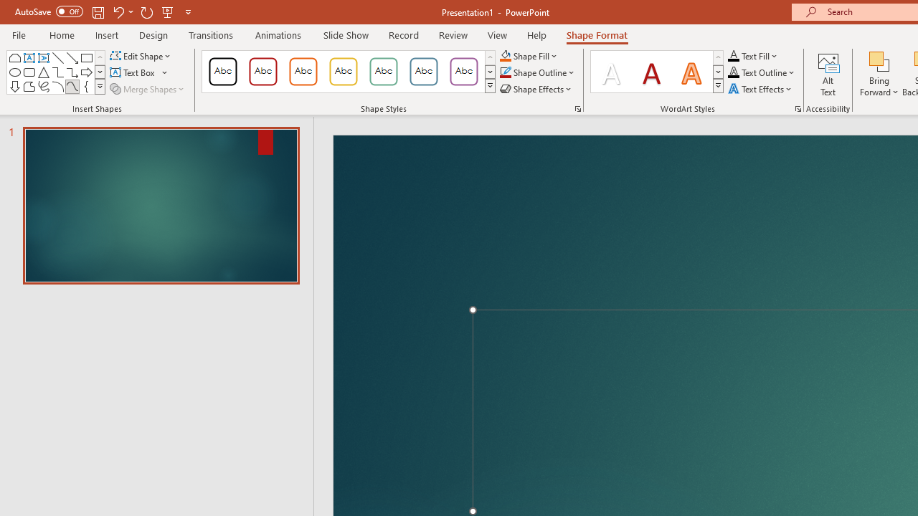 The image size is (918, 516). What do you see at coordinates (188, 11) in the screenshot?
I see `'Customize Quick Access Toolbar'` at bounding box center [188, 11].